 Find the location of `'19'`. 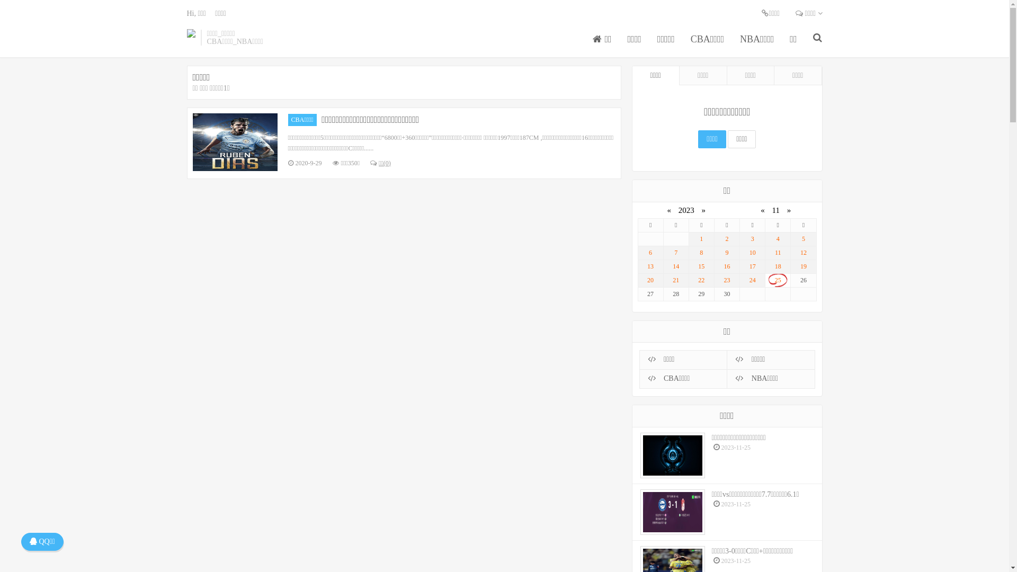

'19' is located at coordinates (803, 266).